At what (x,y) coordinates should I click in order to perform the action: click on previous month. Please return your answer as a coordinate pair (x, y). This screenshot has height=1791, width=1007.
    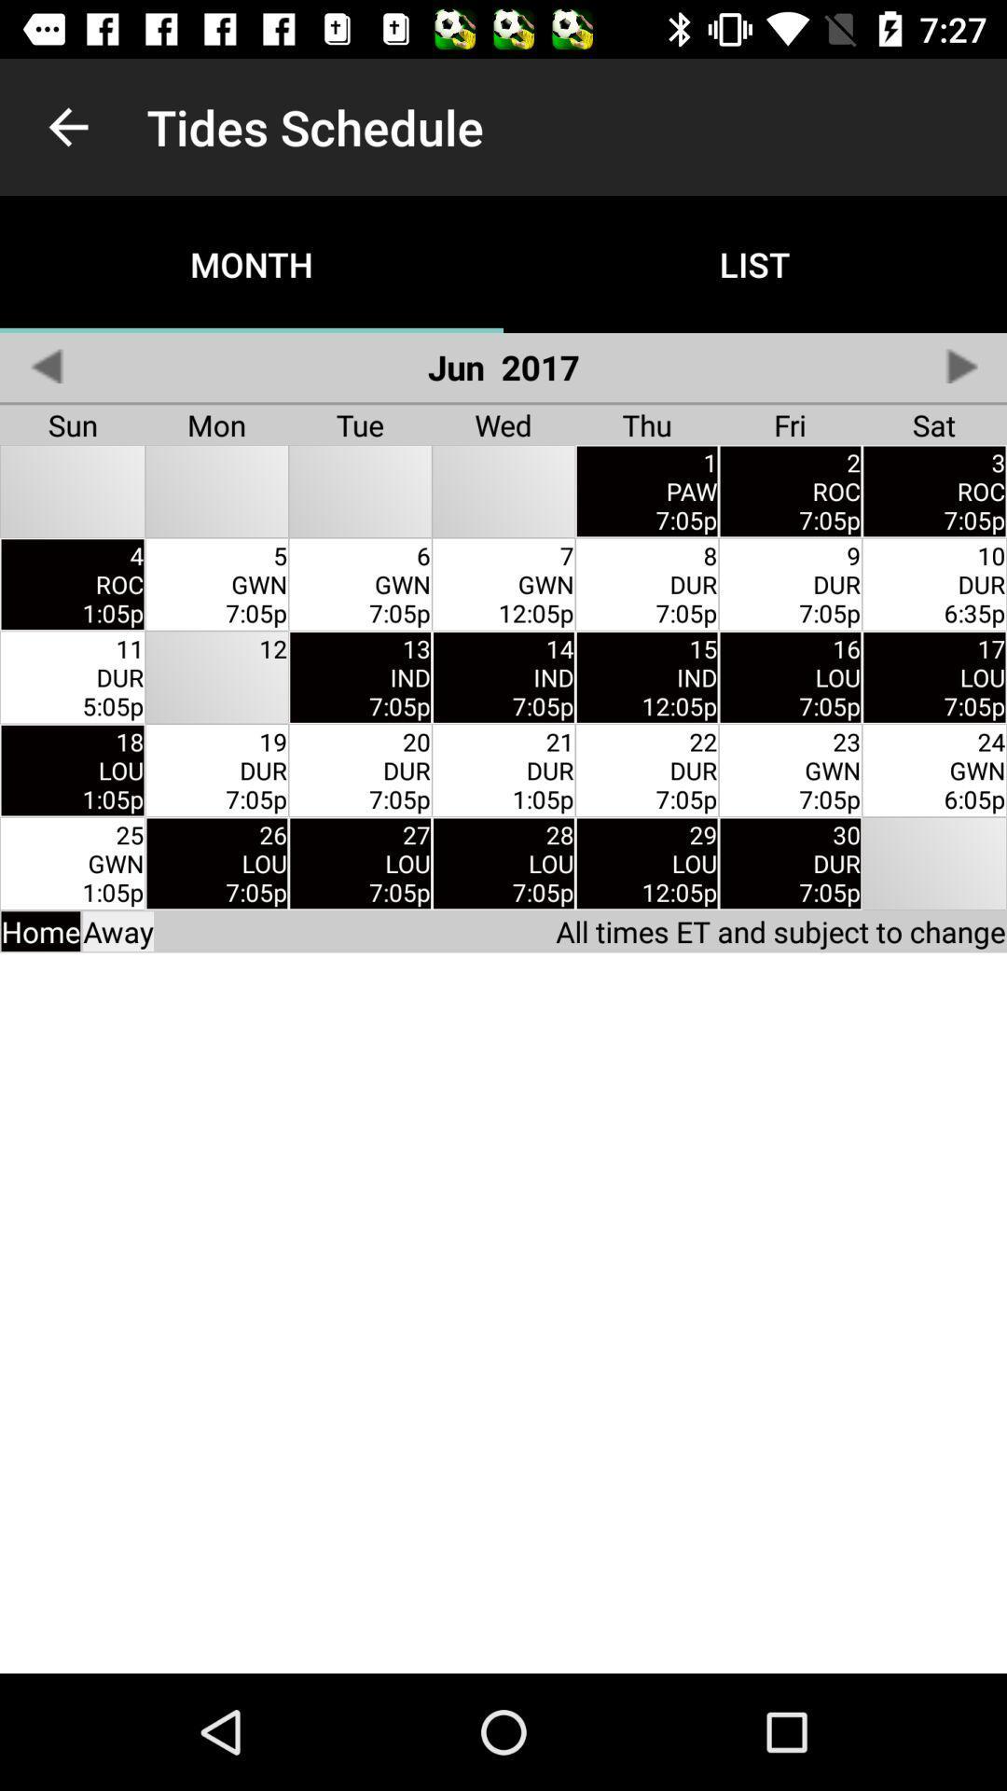
    Looking at the image, I should click on (45, 366).